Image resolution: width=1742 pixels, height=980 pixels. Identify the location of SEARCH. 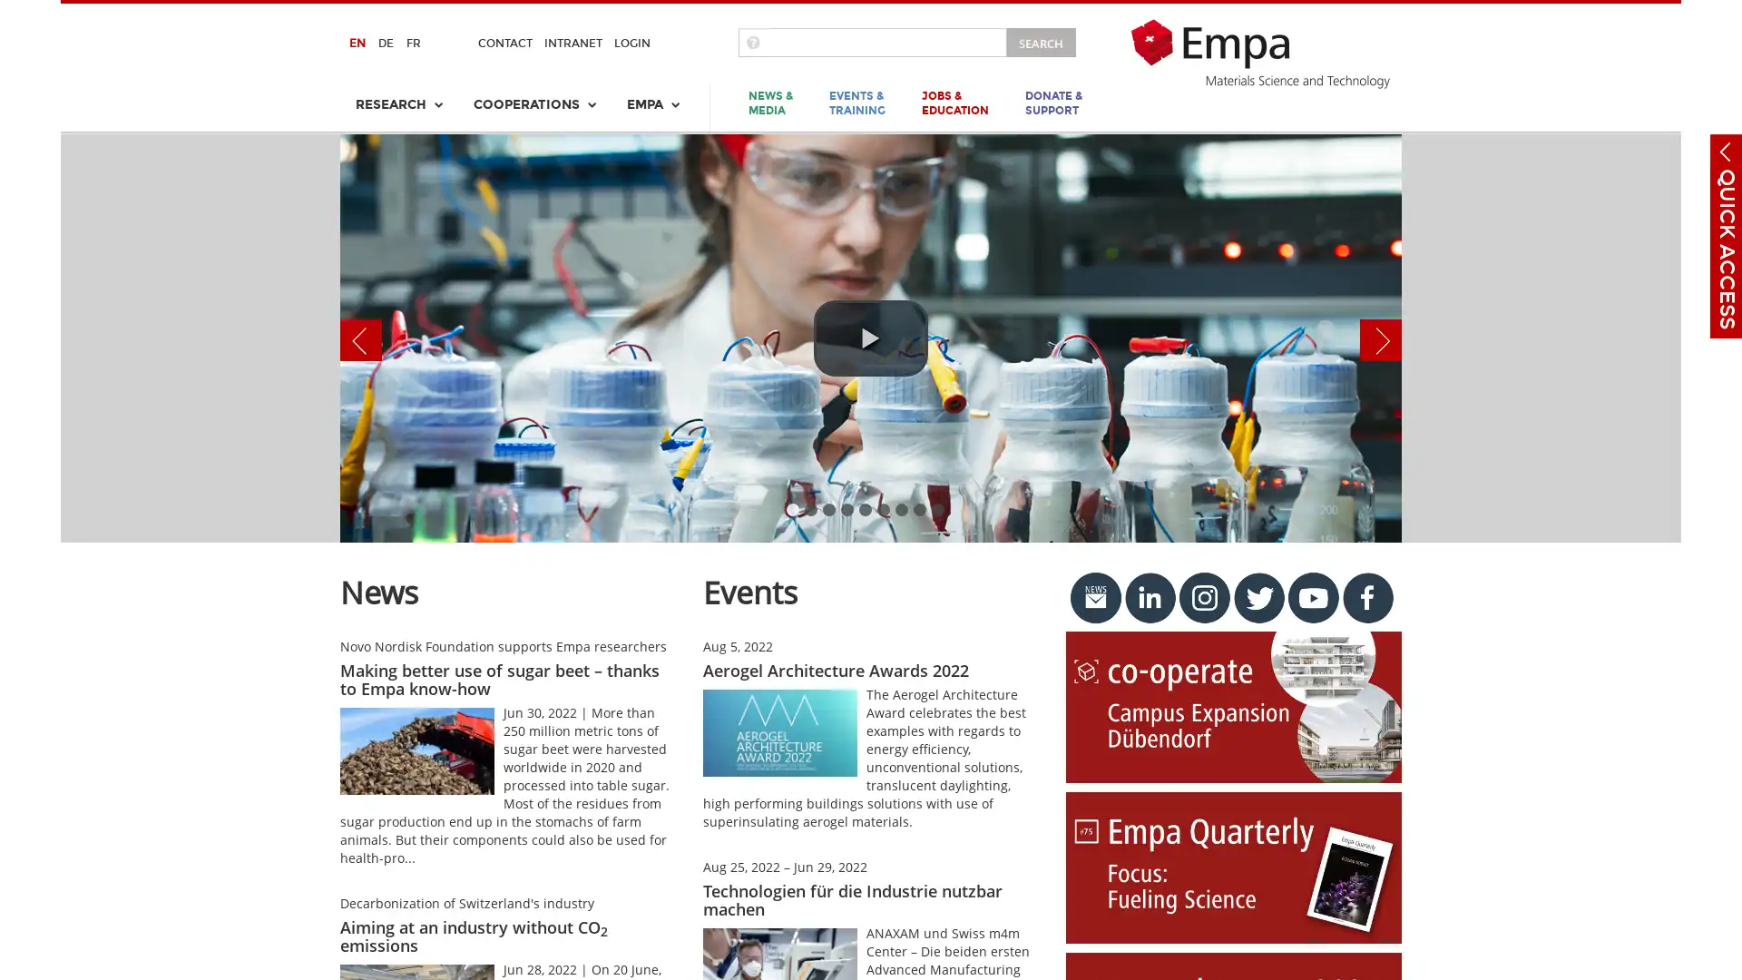
(1041, 41).